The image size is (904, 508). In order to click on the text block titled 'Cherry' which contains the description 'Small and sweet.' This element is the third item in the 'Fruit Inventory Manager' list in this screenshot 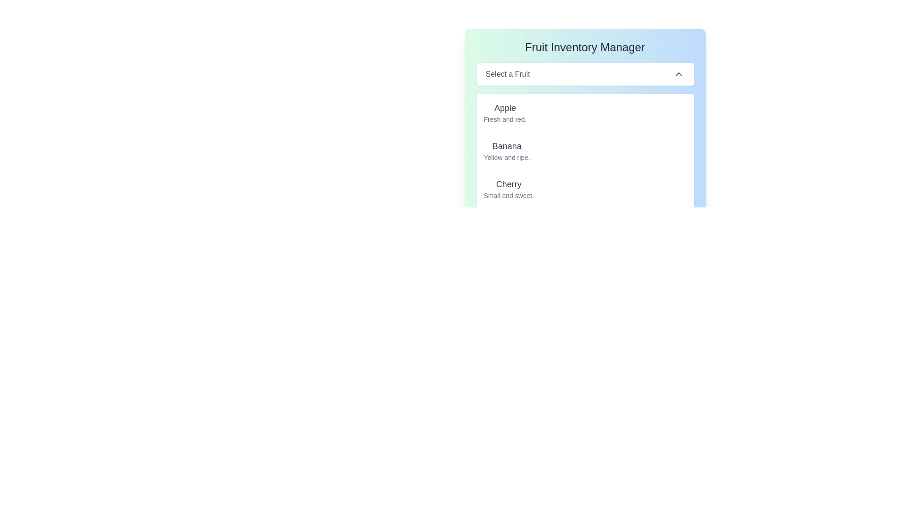, I will do `click(508, 189)`.